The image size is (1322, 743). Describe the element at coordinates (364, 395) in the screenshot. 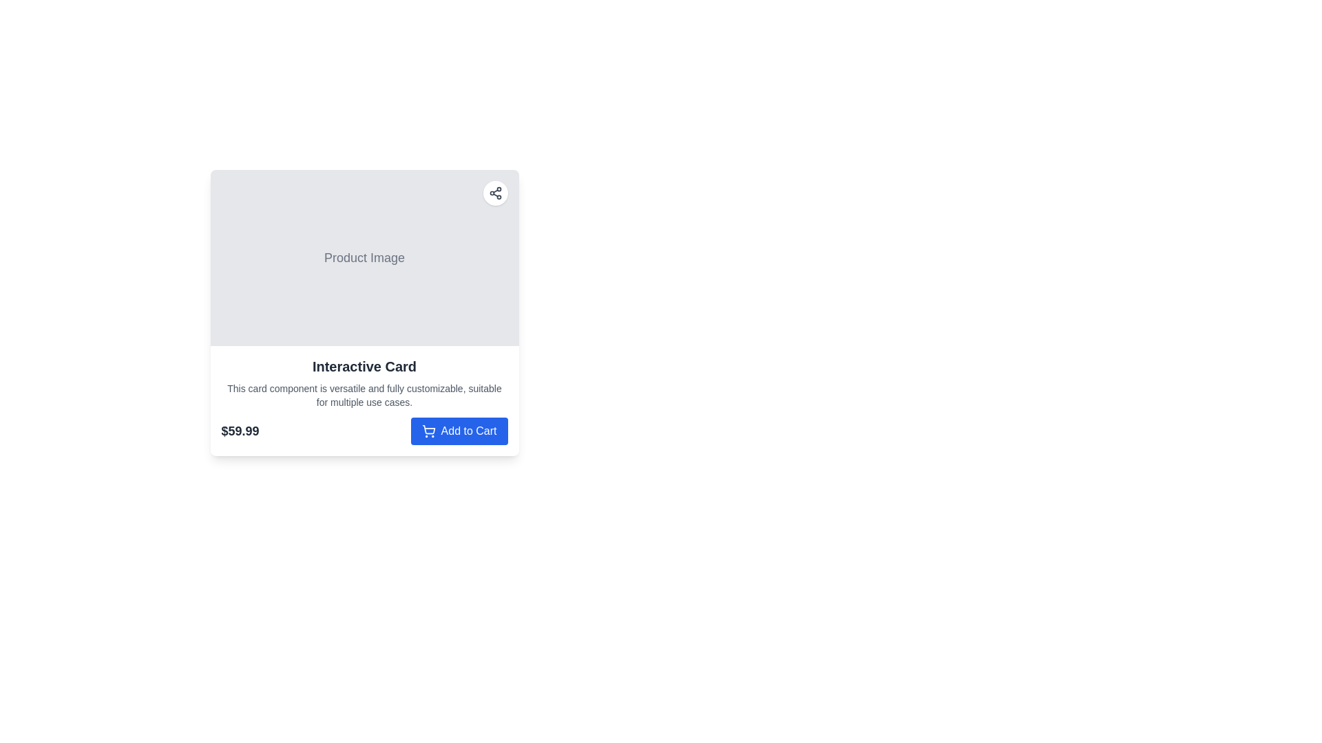

I see `the text block that contains supplementary information, styled in a smaller, gray font, with the content: 'This card component is versatile and fully customizable, suitable for multiple use cases.'` at that location.